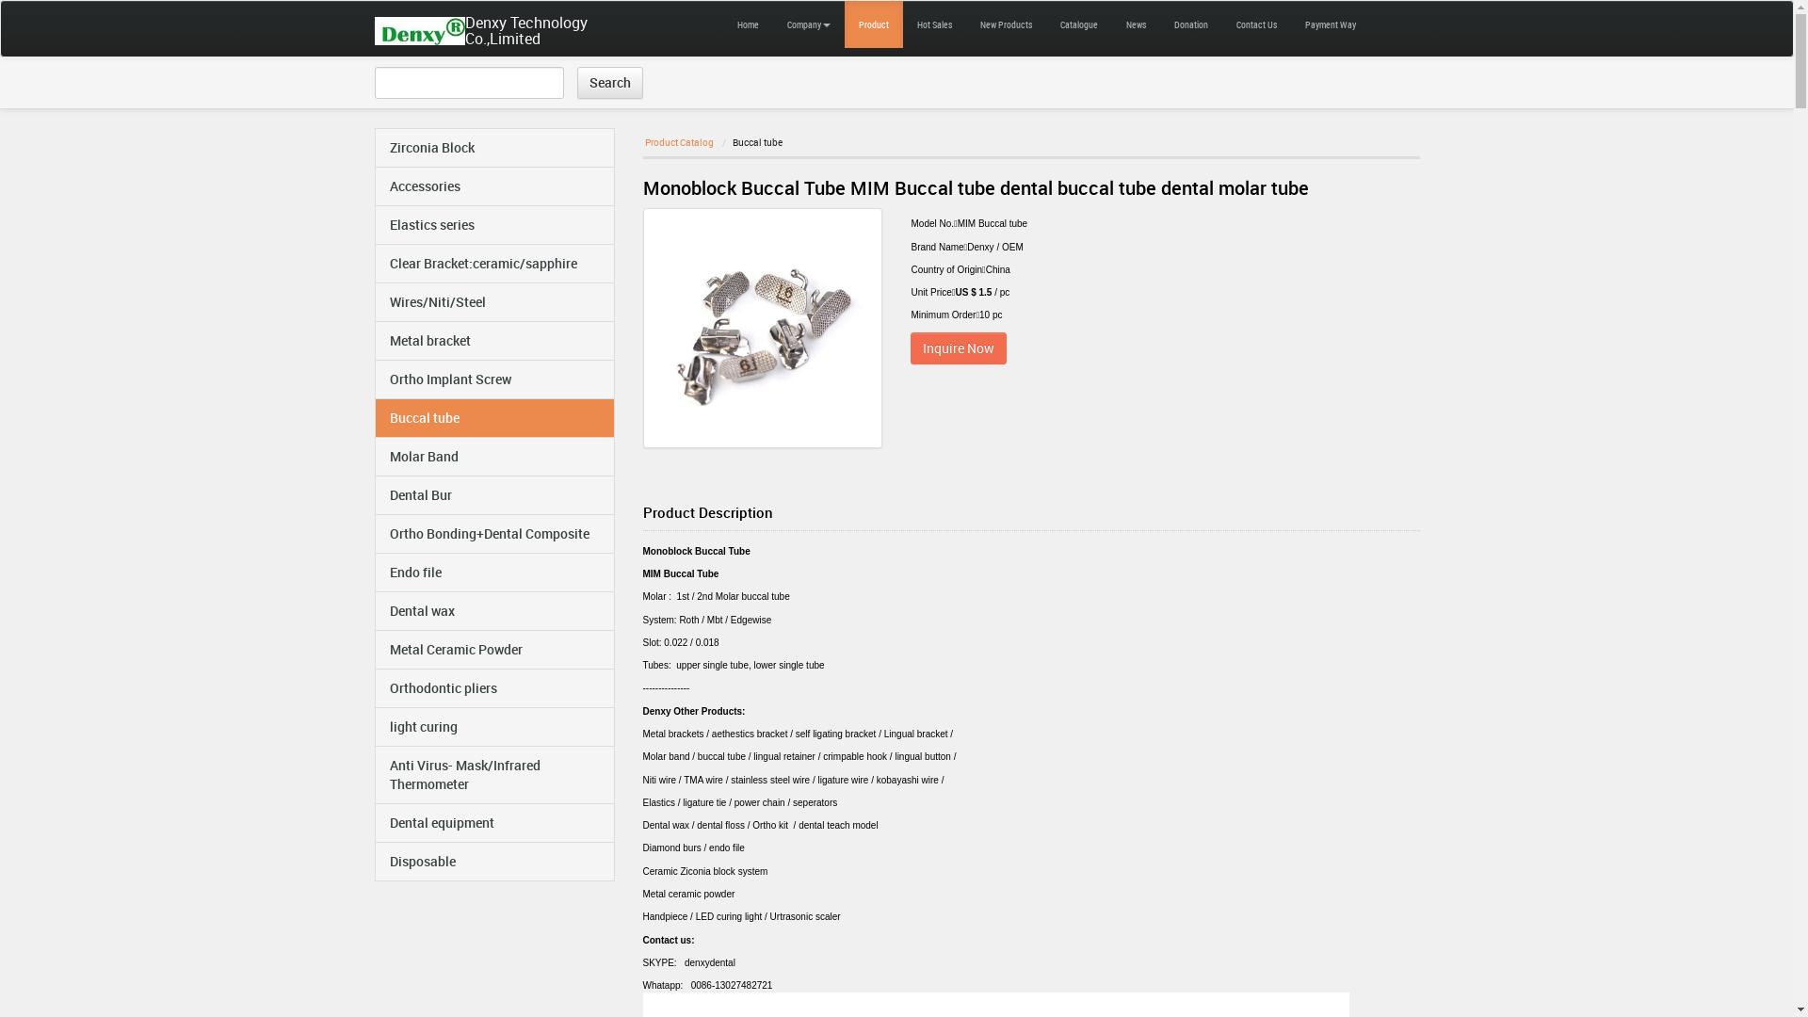 This screenshot has width=1808, height=1017. What do you see at coordinates (493, 300) in the screenshot?
I see `'Wires/Niti/Steel'` at bounding box center [493, 300].